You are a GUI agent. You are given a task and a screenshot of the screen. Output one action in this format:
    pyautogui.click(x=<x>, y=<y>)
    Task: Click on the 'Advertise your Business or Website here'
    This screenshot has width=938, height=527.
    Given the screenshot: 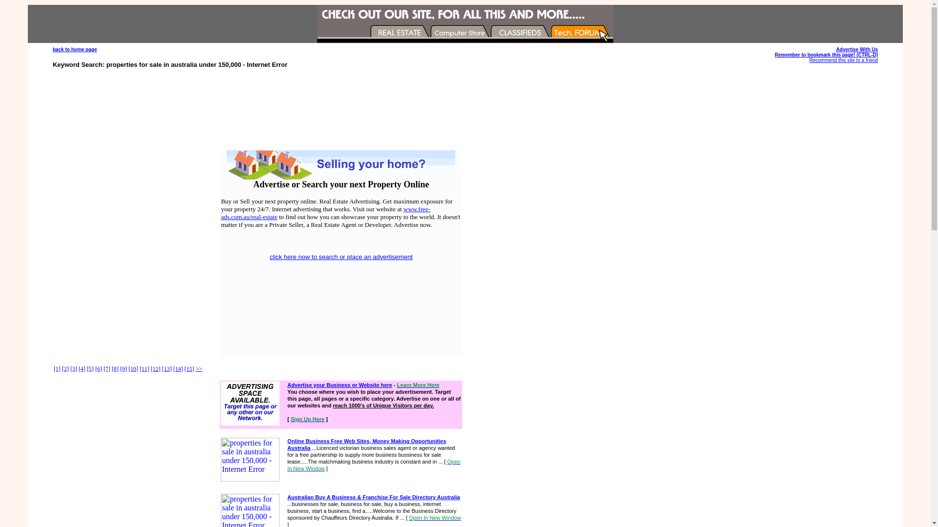 What is the action you would take?
    pyautogui.click(x=340, y=385)
    